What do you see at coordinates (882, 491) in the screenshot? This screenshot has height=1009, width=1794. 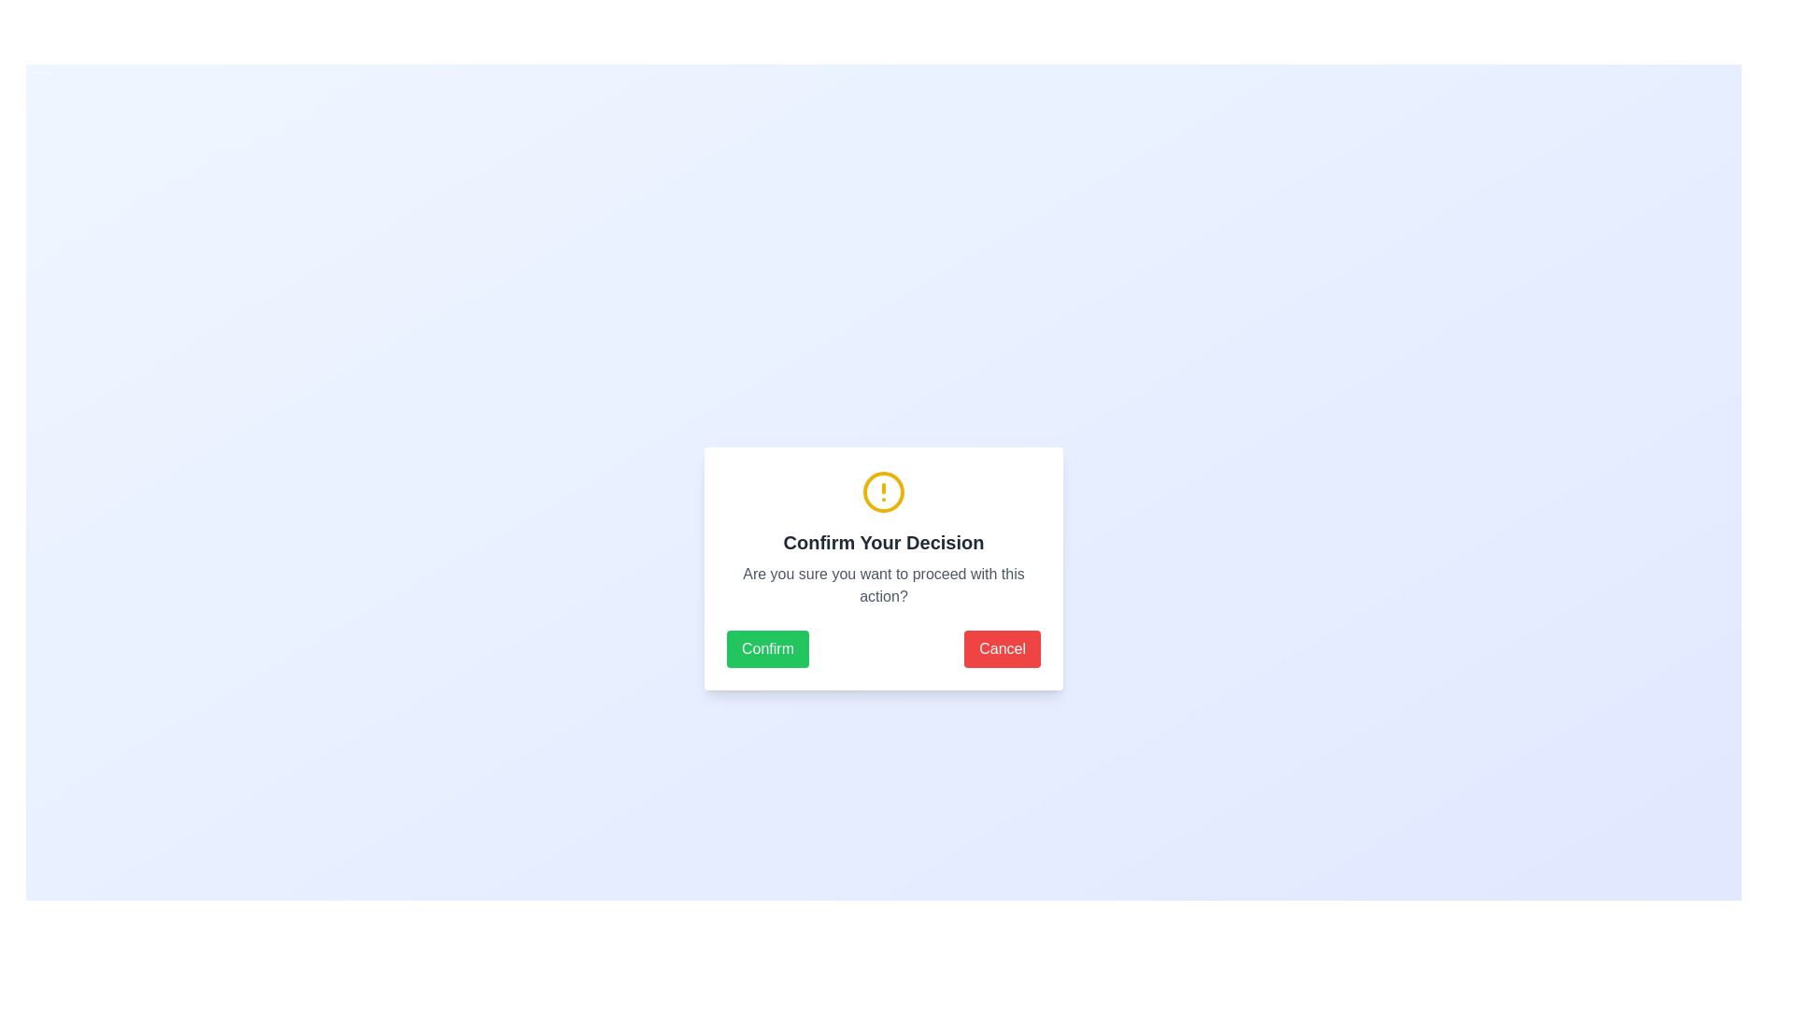 I see `the alert icon, which is a circular icon with a yellow outline and an exclamation mark in the center, located at the top of the modal pop-up above the text 'Confirm Your Decision'` at bounding box center [882, 491].